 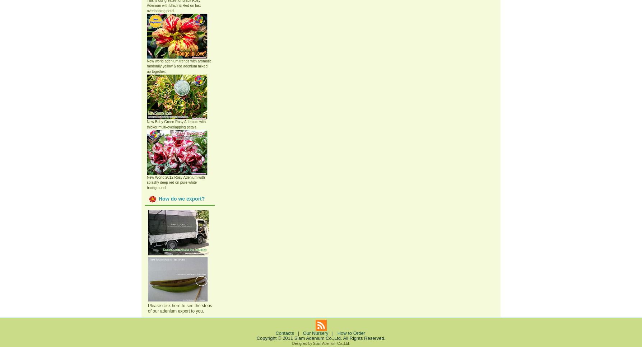 I want to click on 'Please click here to see the steps of our adenium export to you.', so click(x=180, y=308).